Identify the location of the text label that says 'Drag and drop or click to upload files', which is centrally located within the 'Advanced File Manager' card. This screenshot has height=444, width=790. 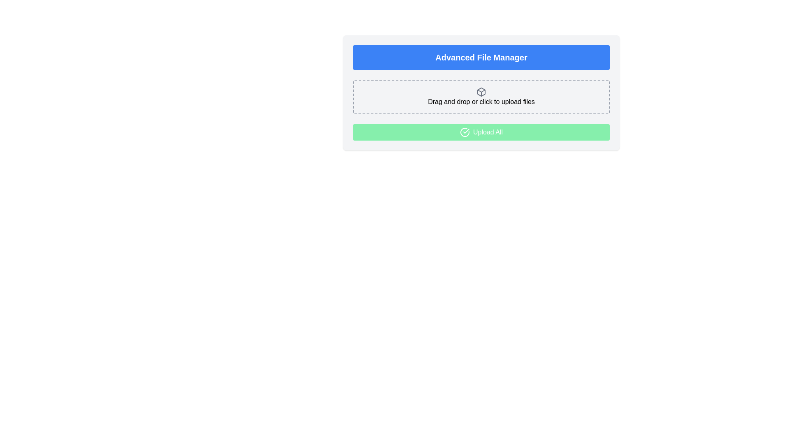
(481, 101).